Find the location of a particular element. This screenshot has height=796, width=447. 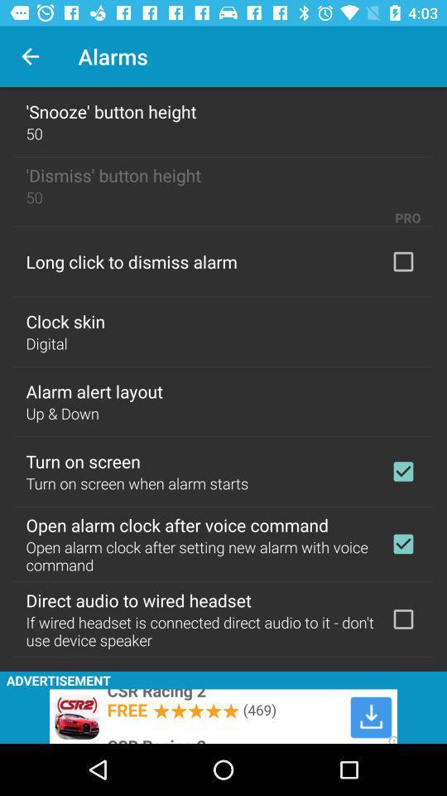

advertisement is located at coordinates (223, 716).